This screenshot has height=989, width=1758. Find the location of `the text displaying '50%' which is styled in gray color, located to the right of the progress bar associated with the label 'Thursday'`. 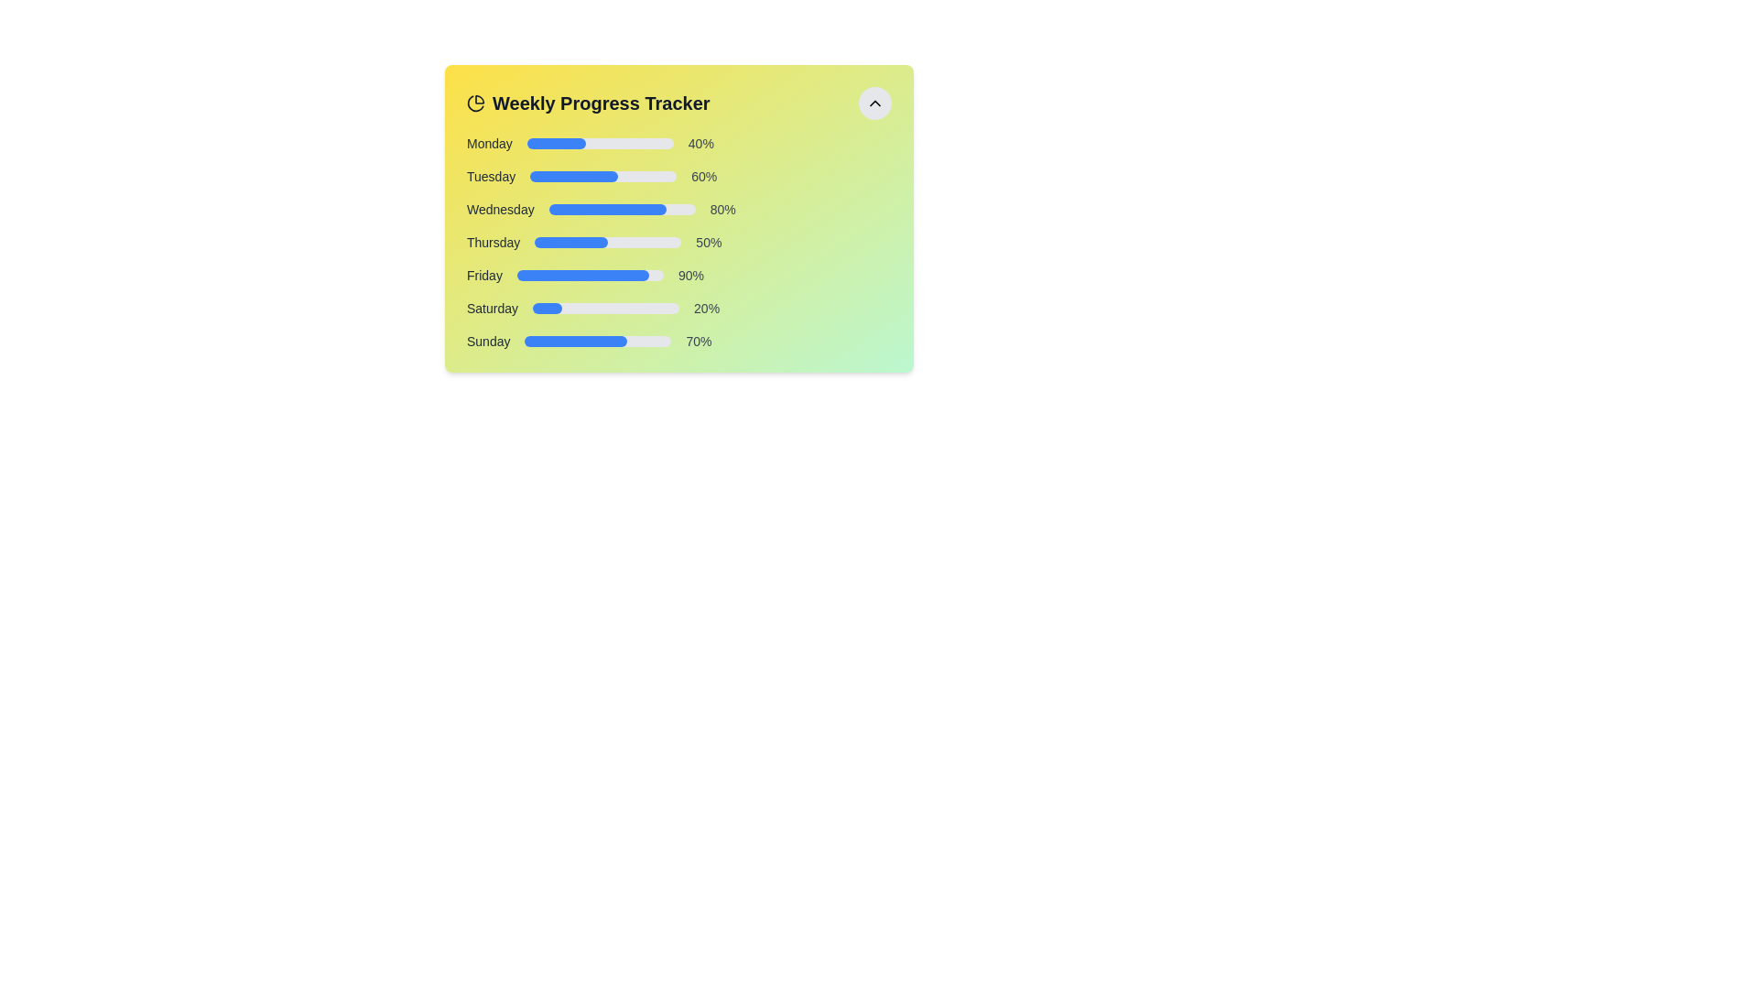

the text displaying '50%' which is styled in gray color, located to the right of the progress bar associated with the label 'Thursday' is located at coordinates (708, 242).